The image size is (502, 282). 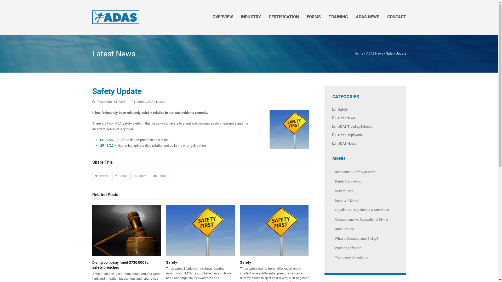 What do you see at coordinates (112, 176) in the screenshot?
I see `'Share'` at bounding box center [112, 176].